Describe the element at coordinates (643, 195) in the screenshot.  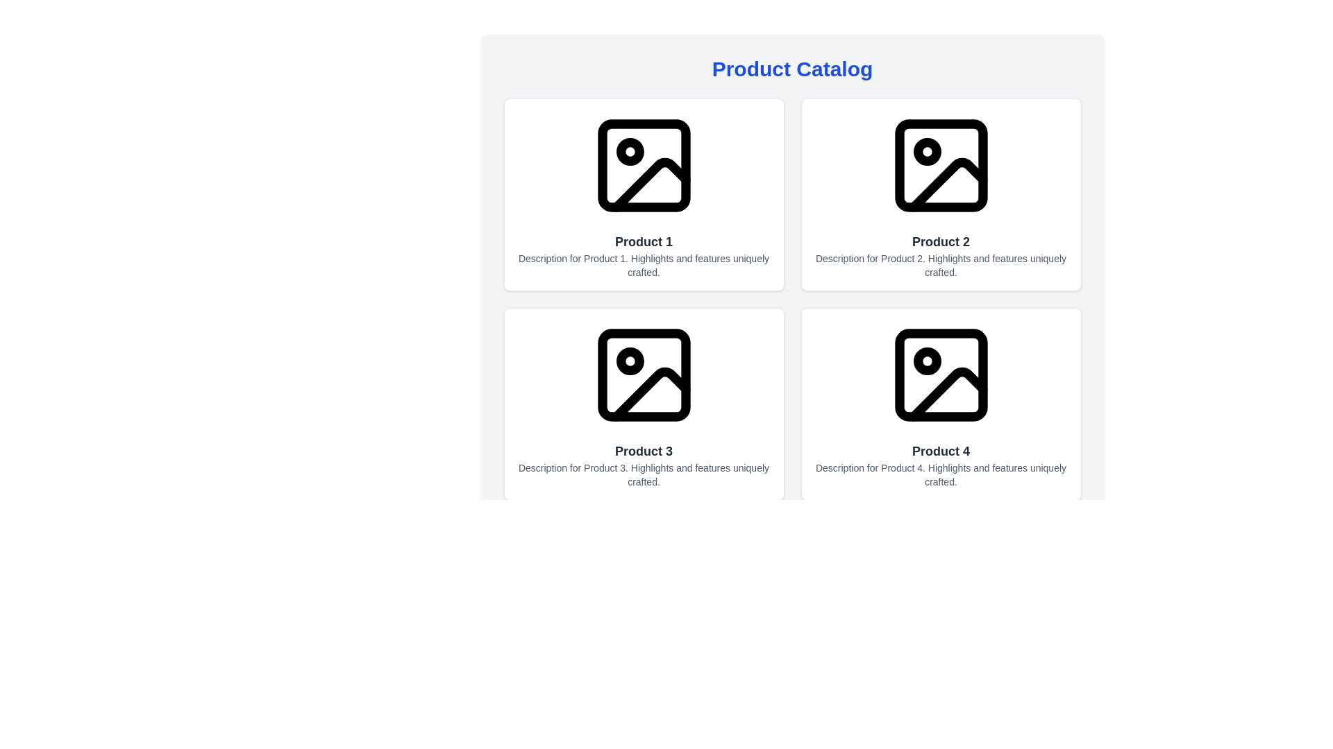
I see `the Product display card labeled 'Product 1' which features an image placeholder, a bold title, and descriptive text, located in the top-left corner of the grid layout` at that location.